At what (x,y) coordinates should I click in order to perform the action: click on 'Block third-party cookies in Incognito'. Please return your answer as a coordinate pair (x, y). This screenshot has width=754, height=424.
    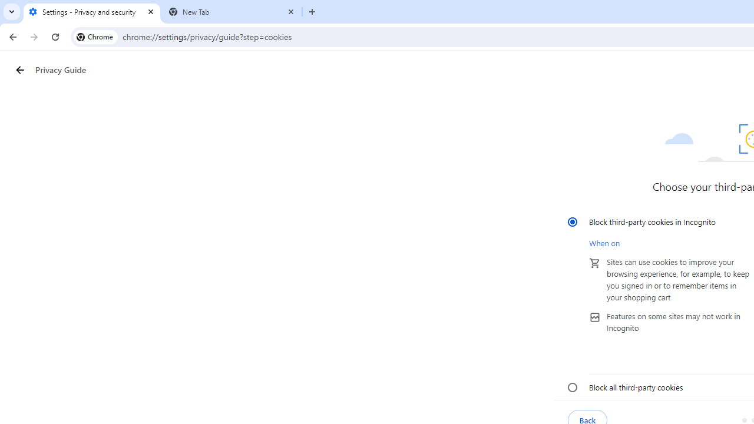
    Looking at the image, I should click on (573, 222).